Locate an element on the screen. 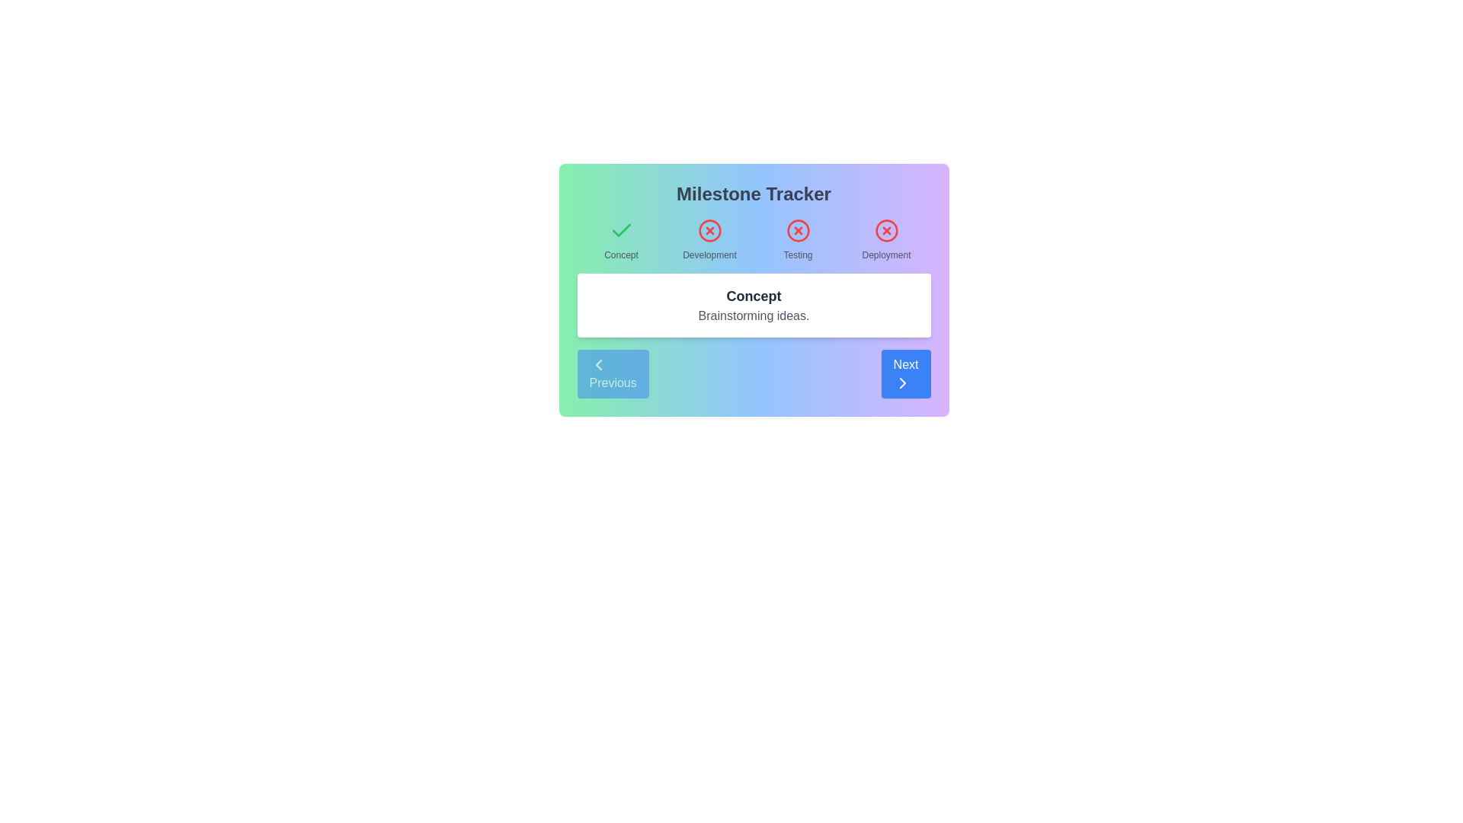 The height and width of the screenshot is (823, 1463). the checkmark icon indicating the completion of the 'Concept' milestone, located in the top-left quarter of the segmented row of milestones is located at coordinates (621, 231).